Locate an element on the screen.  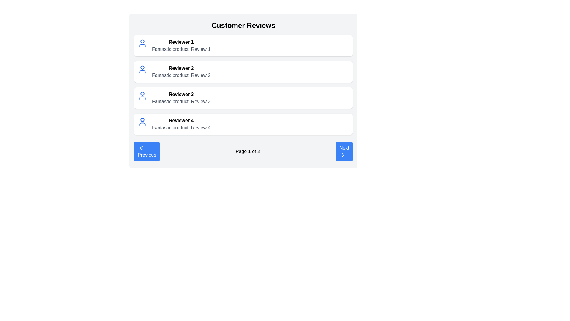
review details from the card displaying information submitted by 'Reviewer 2', located in the 'Customer Reviews' section is located at coordinates (243, 72).